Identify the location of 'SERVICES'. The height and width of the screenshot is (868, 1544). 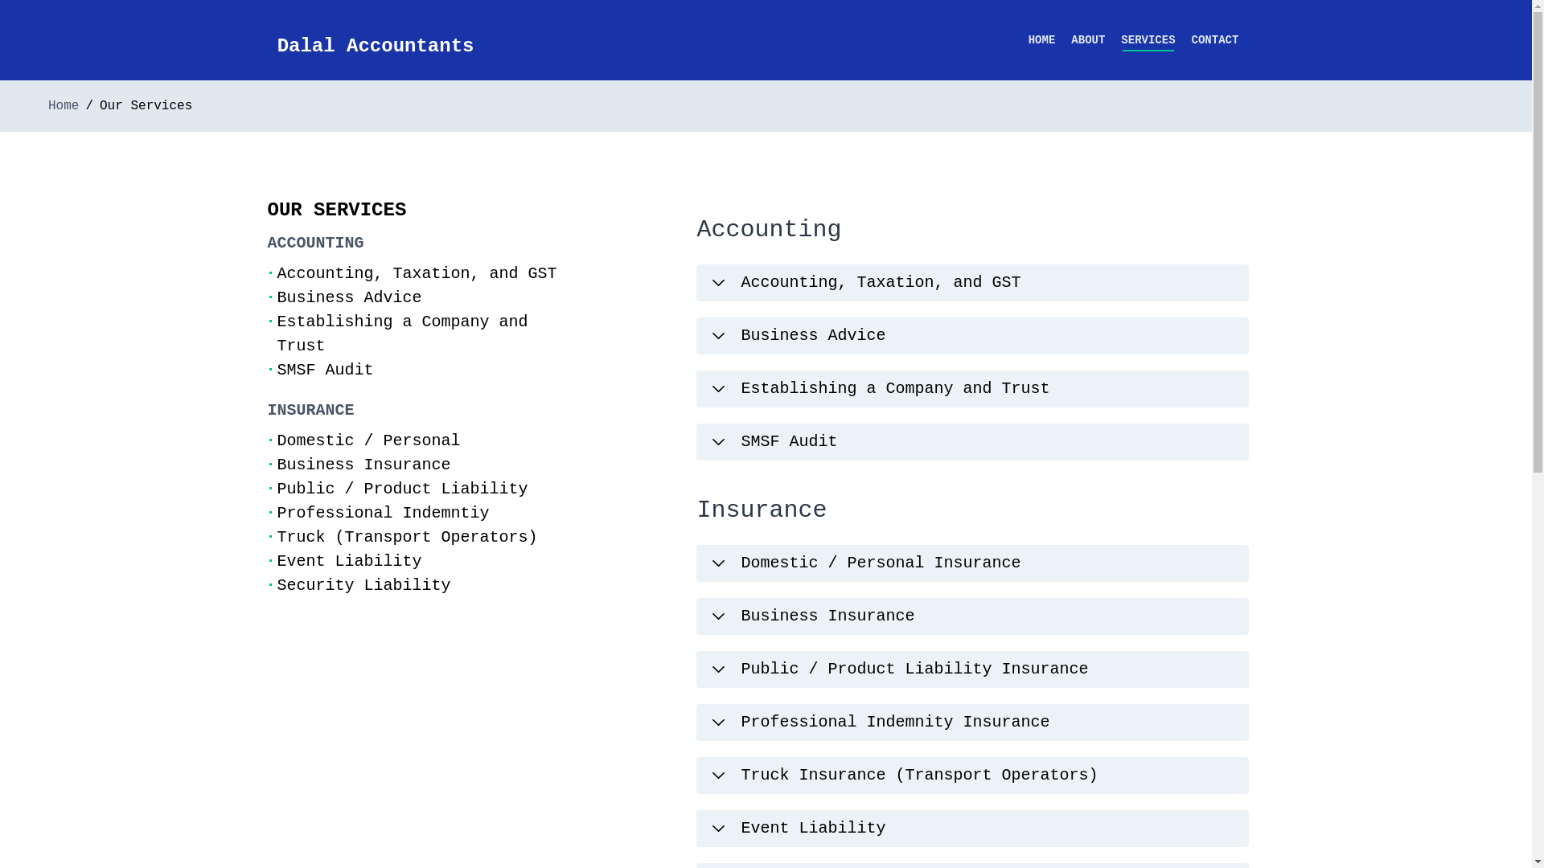
(1147, 39).